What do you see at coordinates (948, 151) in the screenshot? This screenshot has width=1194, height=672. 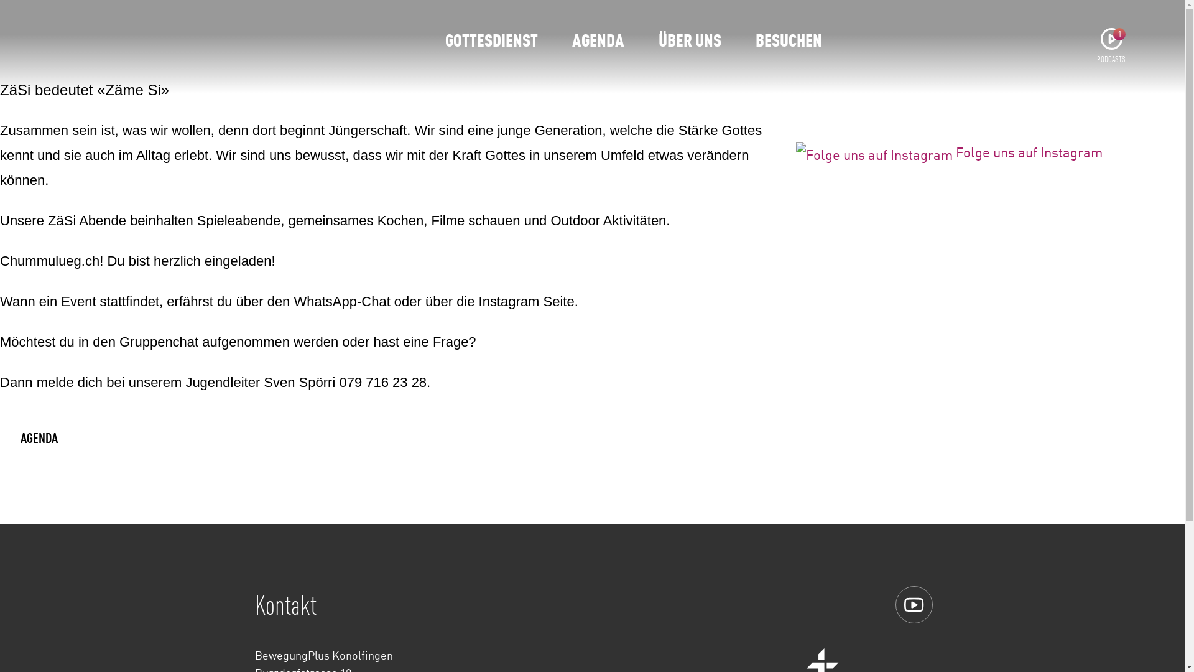 I see `'Folge uns auf Instagram'` at bounding box center [948, 151].